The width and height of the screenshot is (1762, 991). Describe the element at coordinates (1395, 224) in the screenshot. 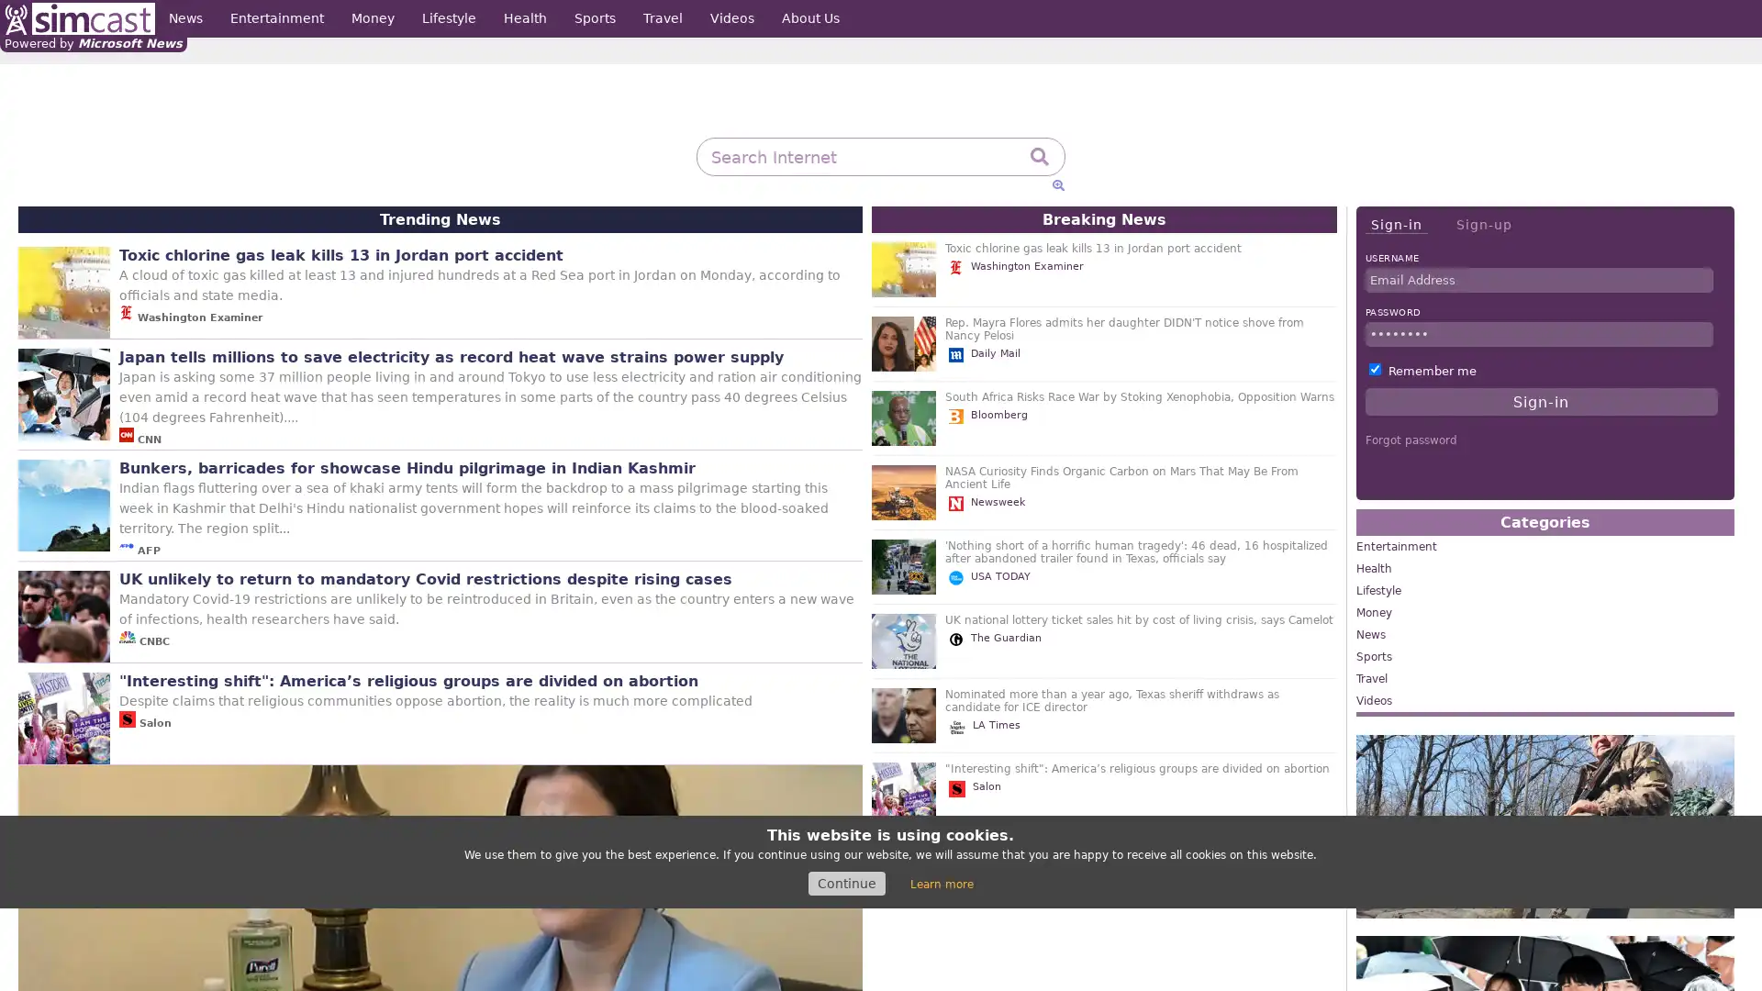

I see `Sign-in` at that location.